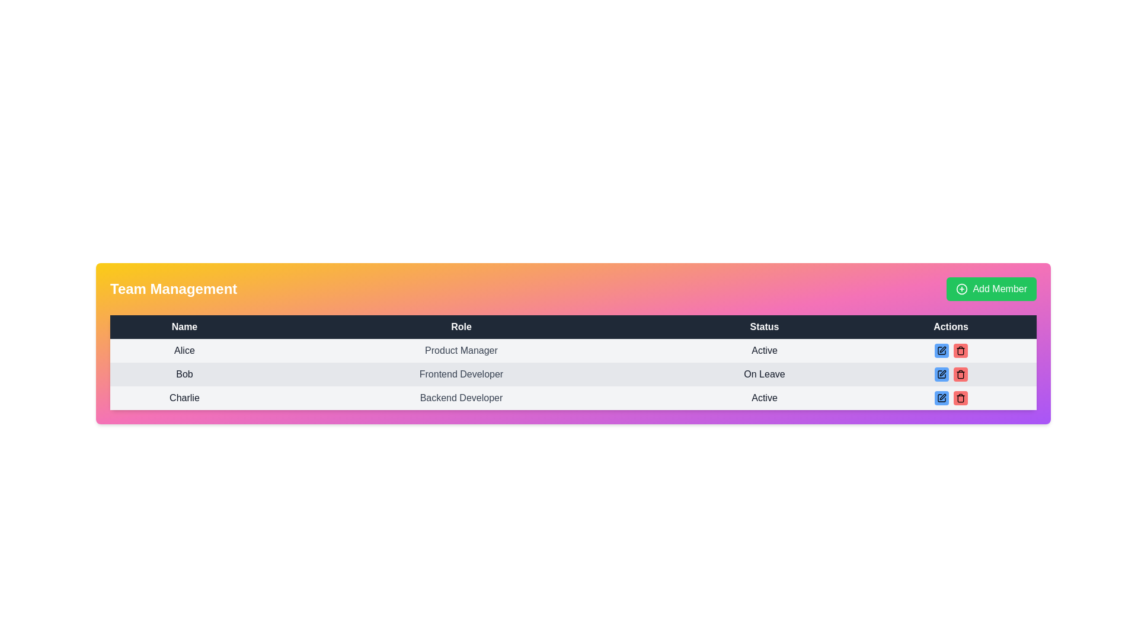  I want to click on the red delete button with a trashcan icon, located as the second icon in the 'Actions' column for the second row of the table, so click(960, 375).